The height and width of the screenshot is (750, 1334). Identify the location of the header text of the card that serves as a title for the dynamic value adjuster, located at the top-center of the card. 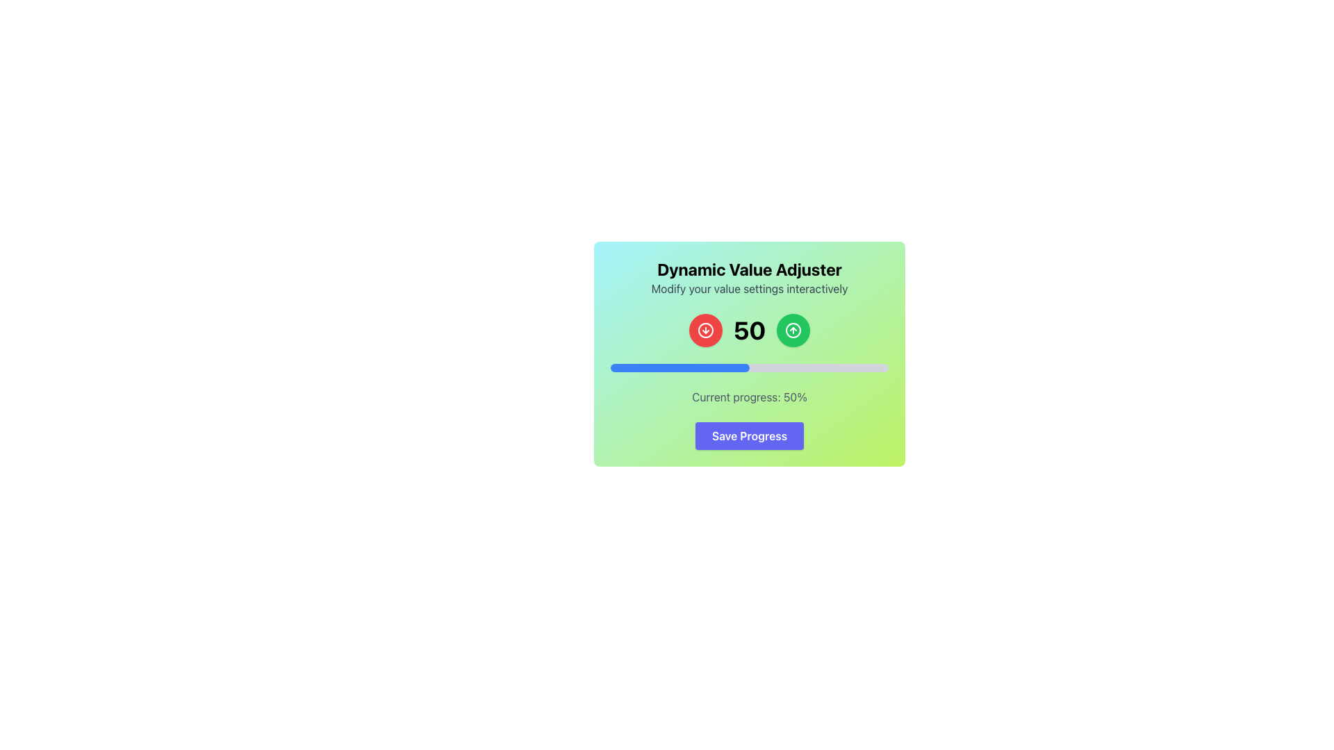
(749, 269).